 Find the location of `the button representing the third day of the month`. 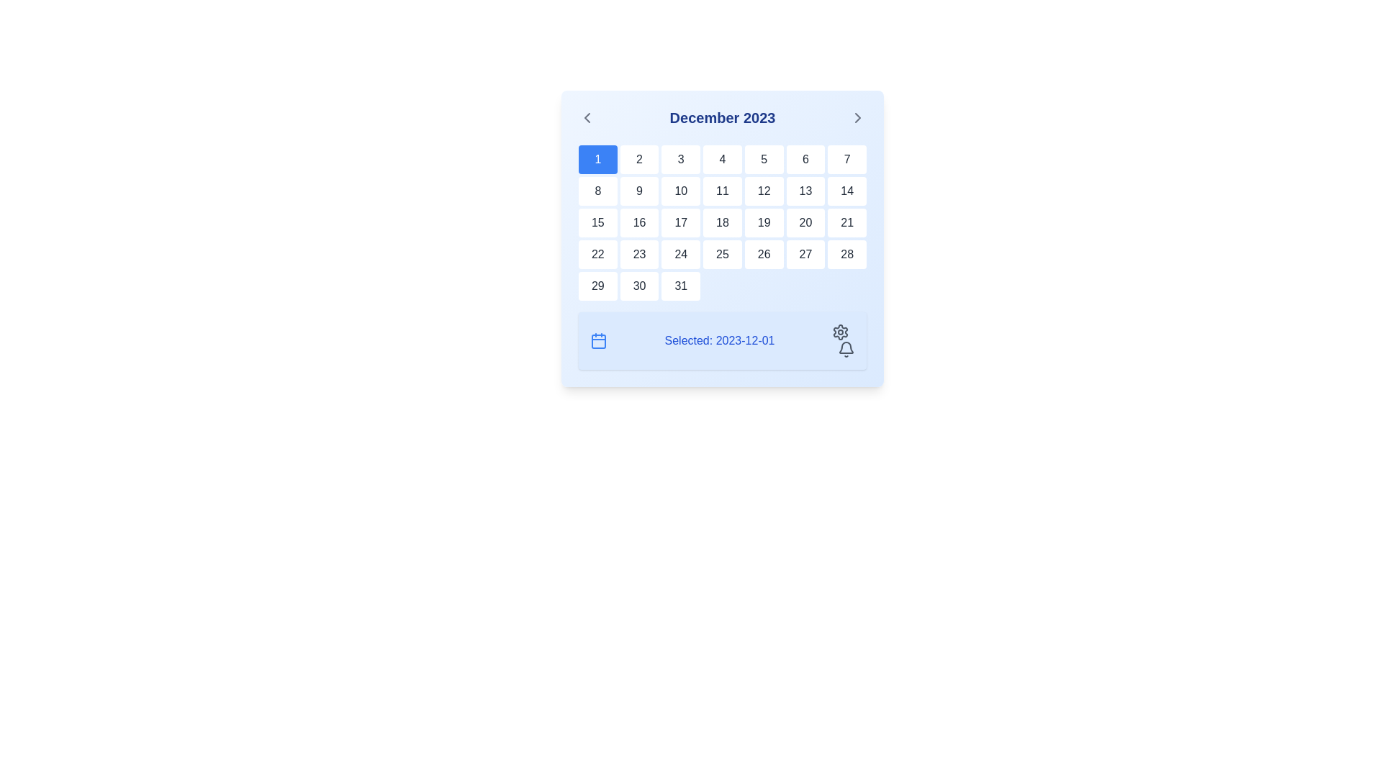

the button representing the third day of the month is located at coordinates (679, 160).